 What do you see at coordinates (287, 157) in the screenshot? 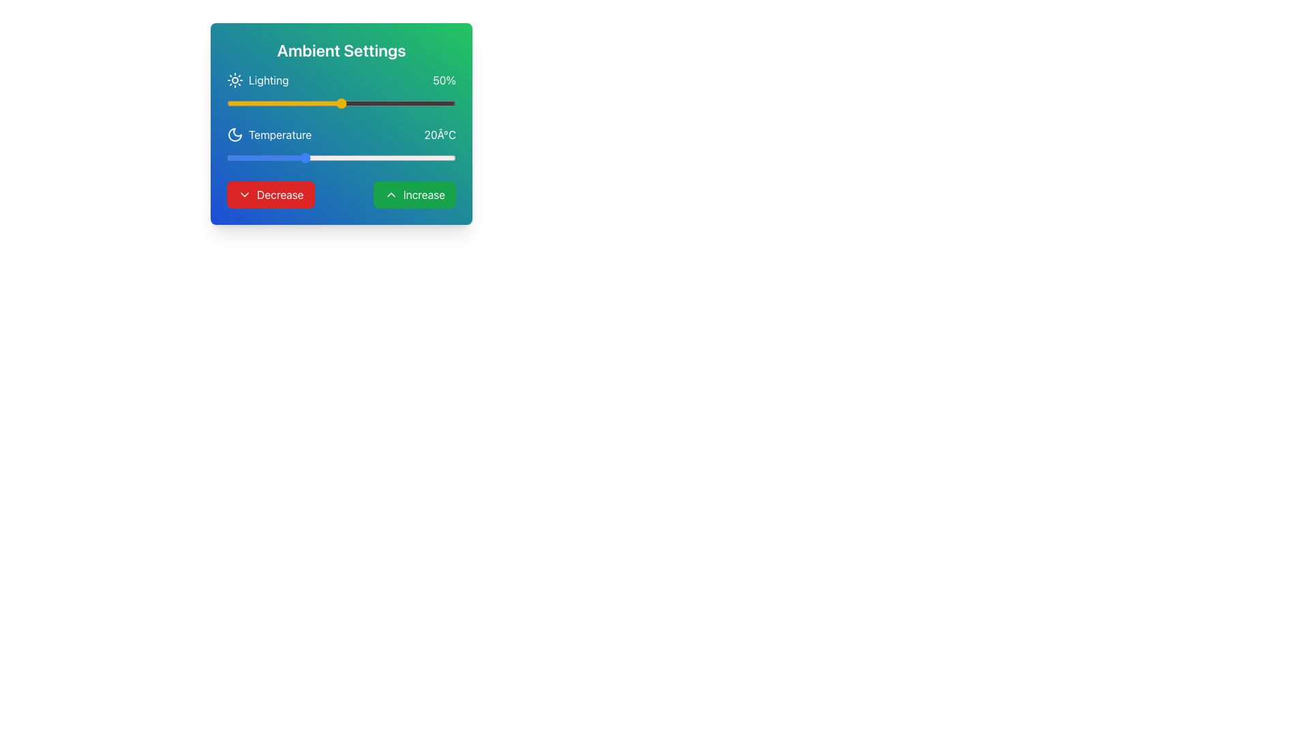
I see `the temperature` at bounding box center [287, 157].